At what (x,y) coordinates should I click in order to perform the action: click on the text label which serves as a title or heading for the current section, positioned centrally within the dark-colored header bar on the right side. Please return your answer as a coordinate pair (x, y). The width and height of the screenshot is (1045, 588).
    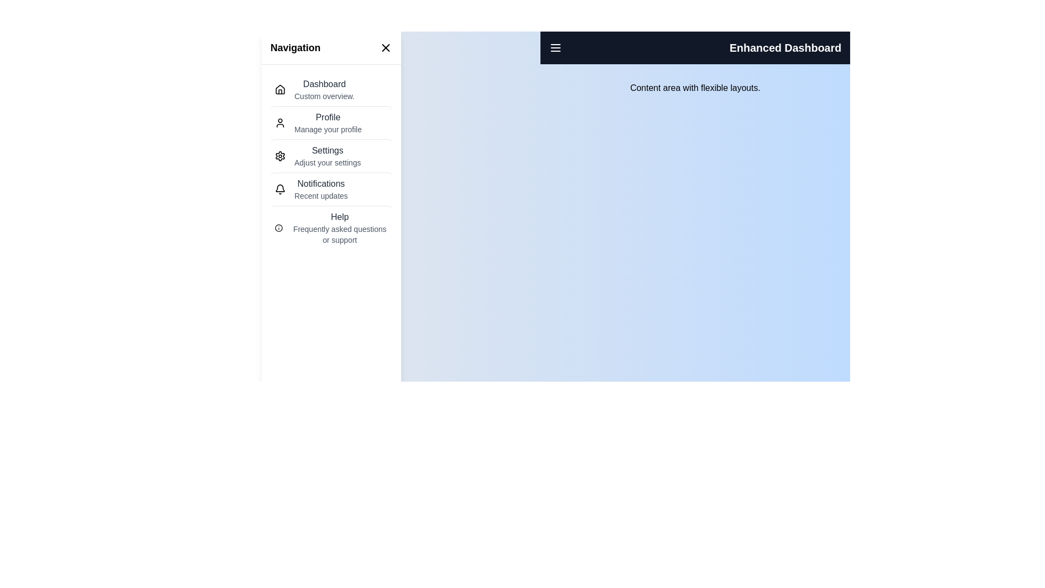
    Looking at the image, I should click on (785, 47).